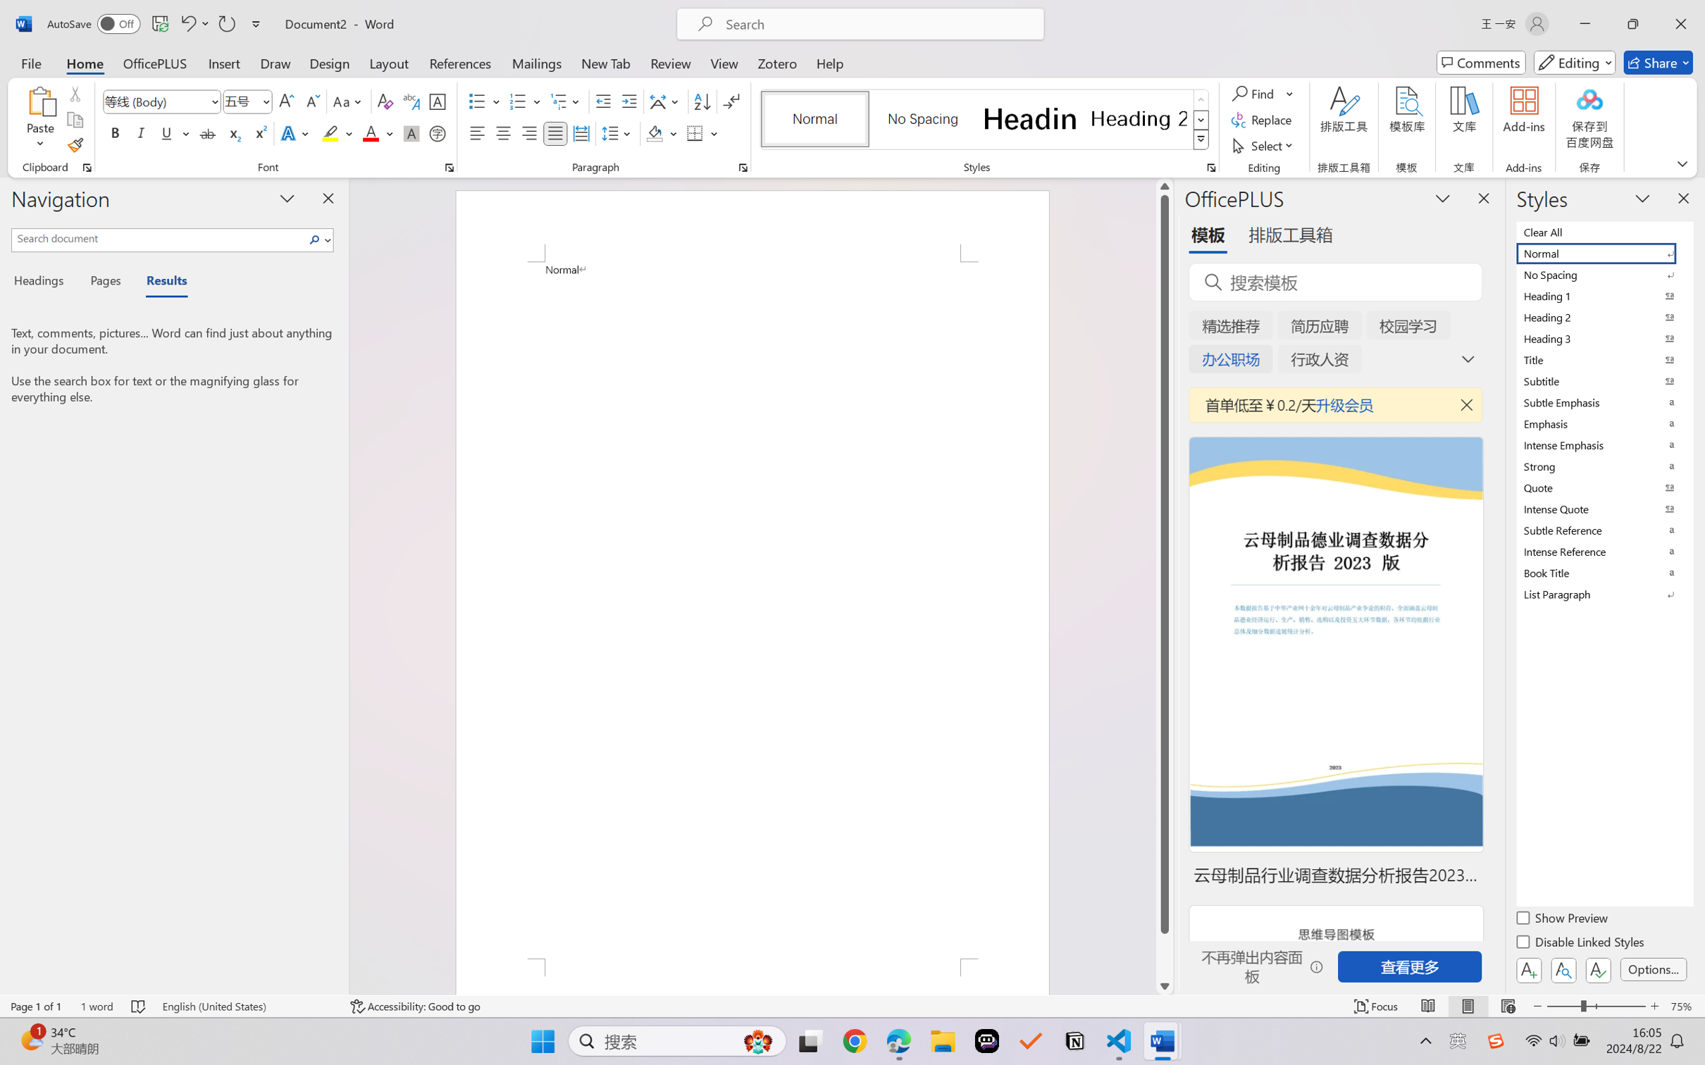 Image resolution: width=1705 pixels, height=1065 pixels. I want to click on 'Shading', so click(662, 132).